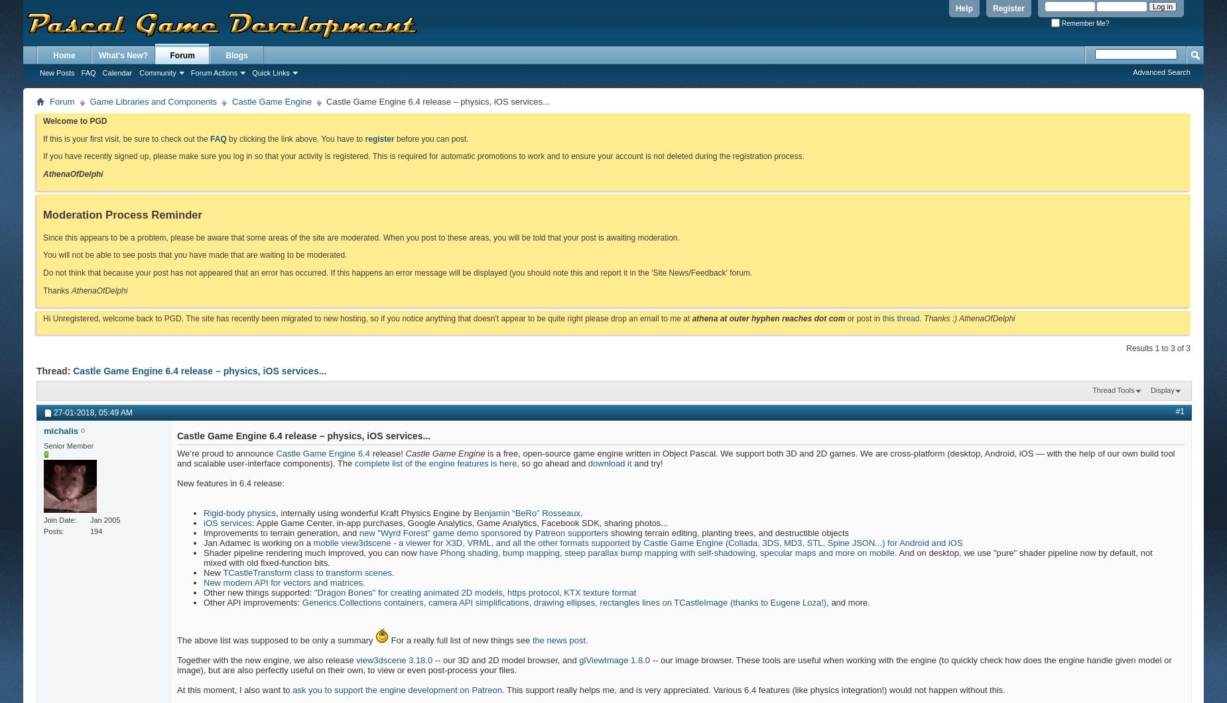 Image resolution: width=1227 pixels, height=703 pixels. I want to click on 'What's New?', so click(122, 56).